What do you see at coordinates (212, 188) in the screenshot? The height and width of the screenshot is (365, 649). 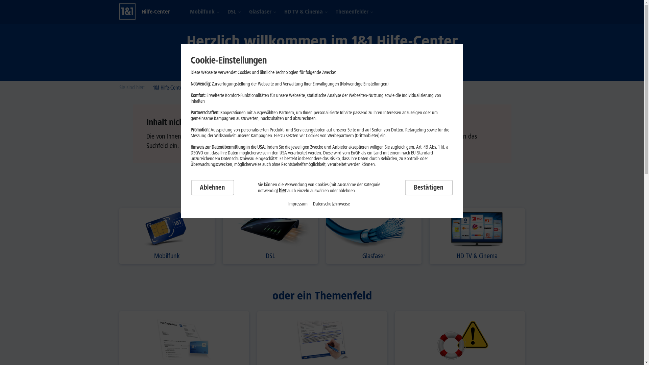 I see `'Ablehnen'` at bounding box center [212, 188].